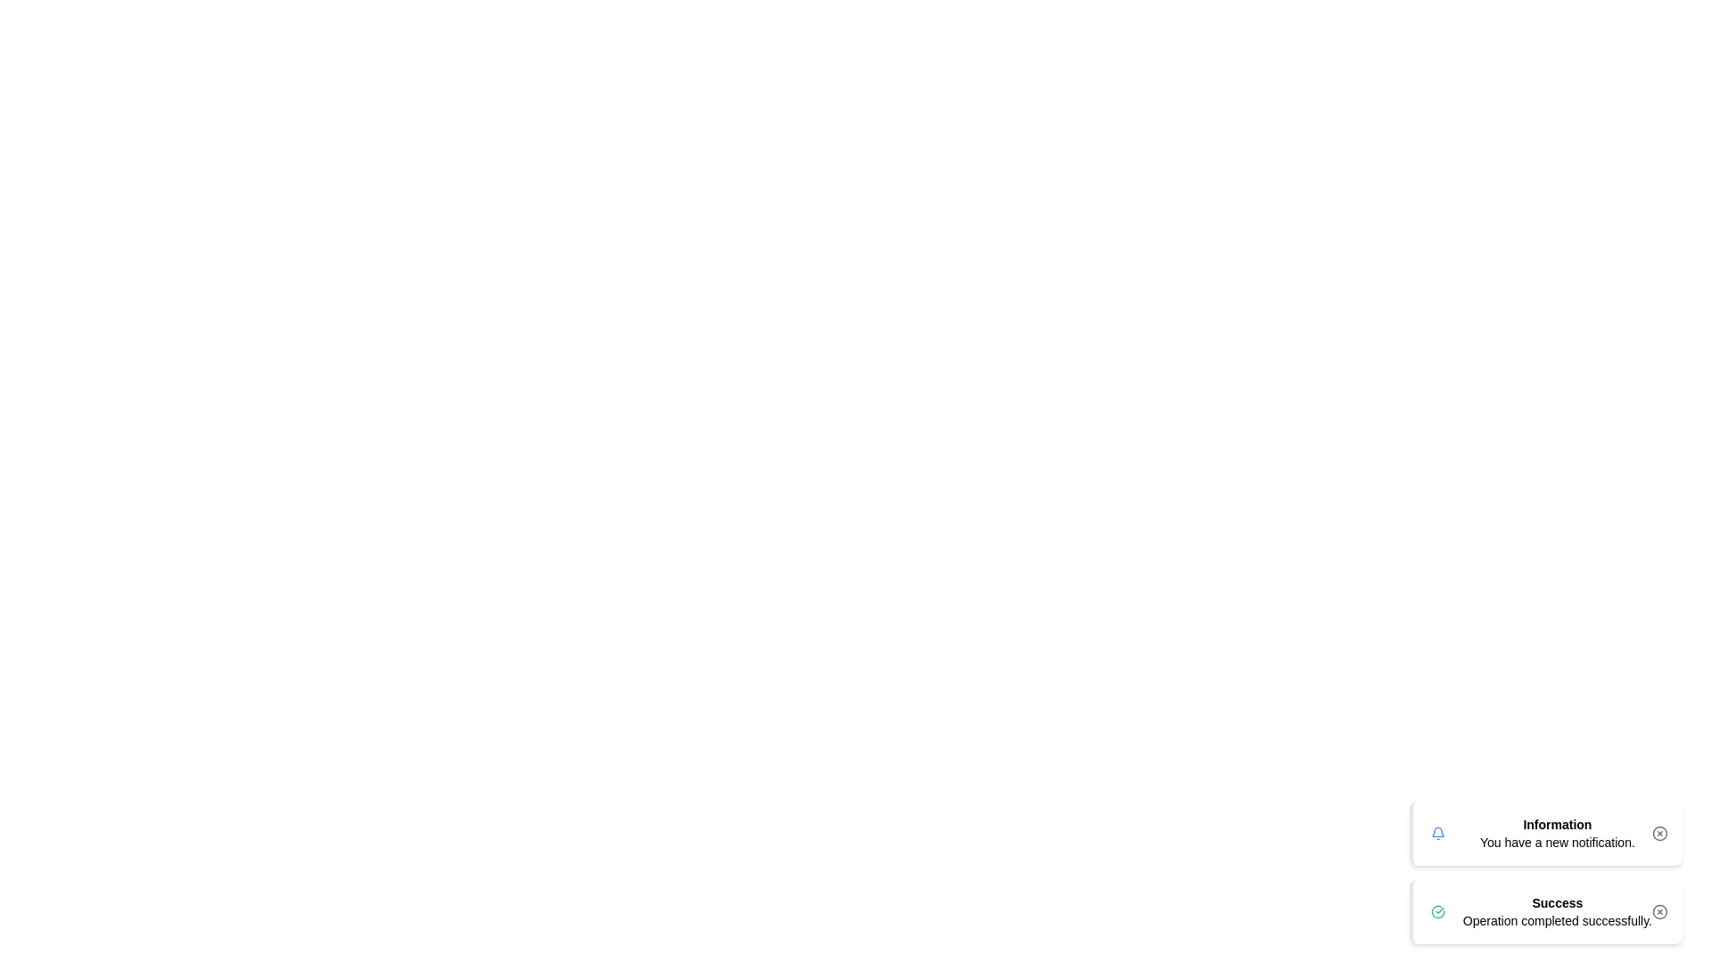 This screenshot has width=1711, height=962. I want to click on the circular SVG element that serves as part of the close or dismiss icon for the 'Success' notification box located in the lower-right portion, so click(1658, 911).